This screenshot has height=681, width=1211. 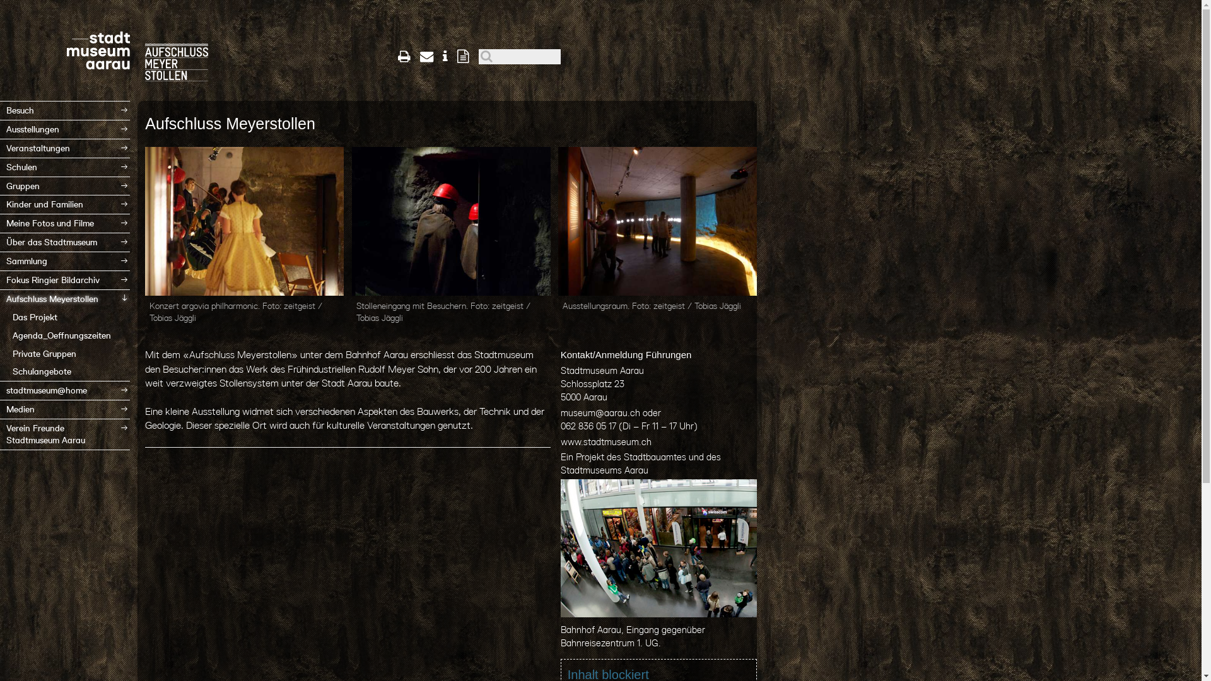 I want to click on 'Medien', so click(x=64, y=409).